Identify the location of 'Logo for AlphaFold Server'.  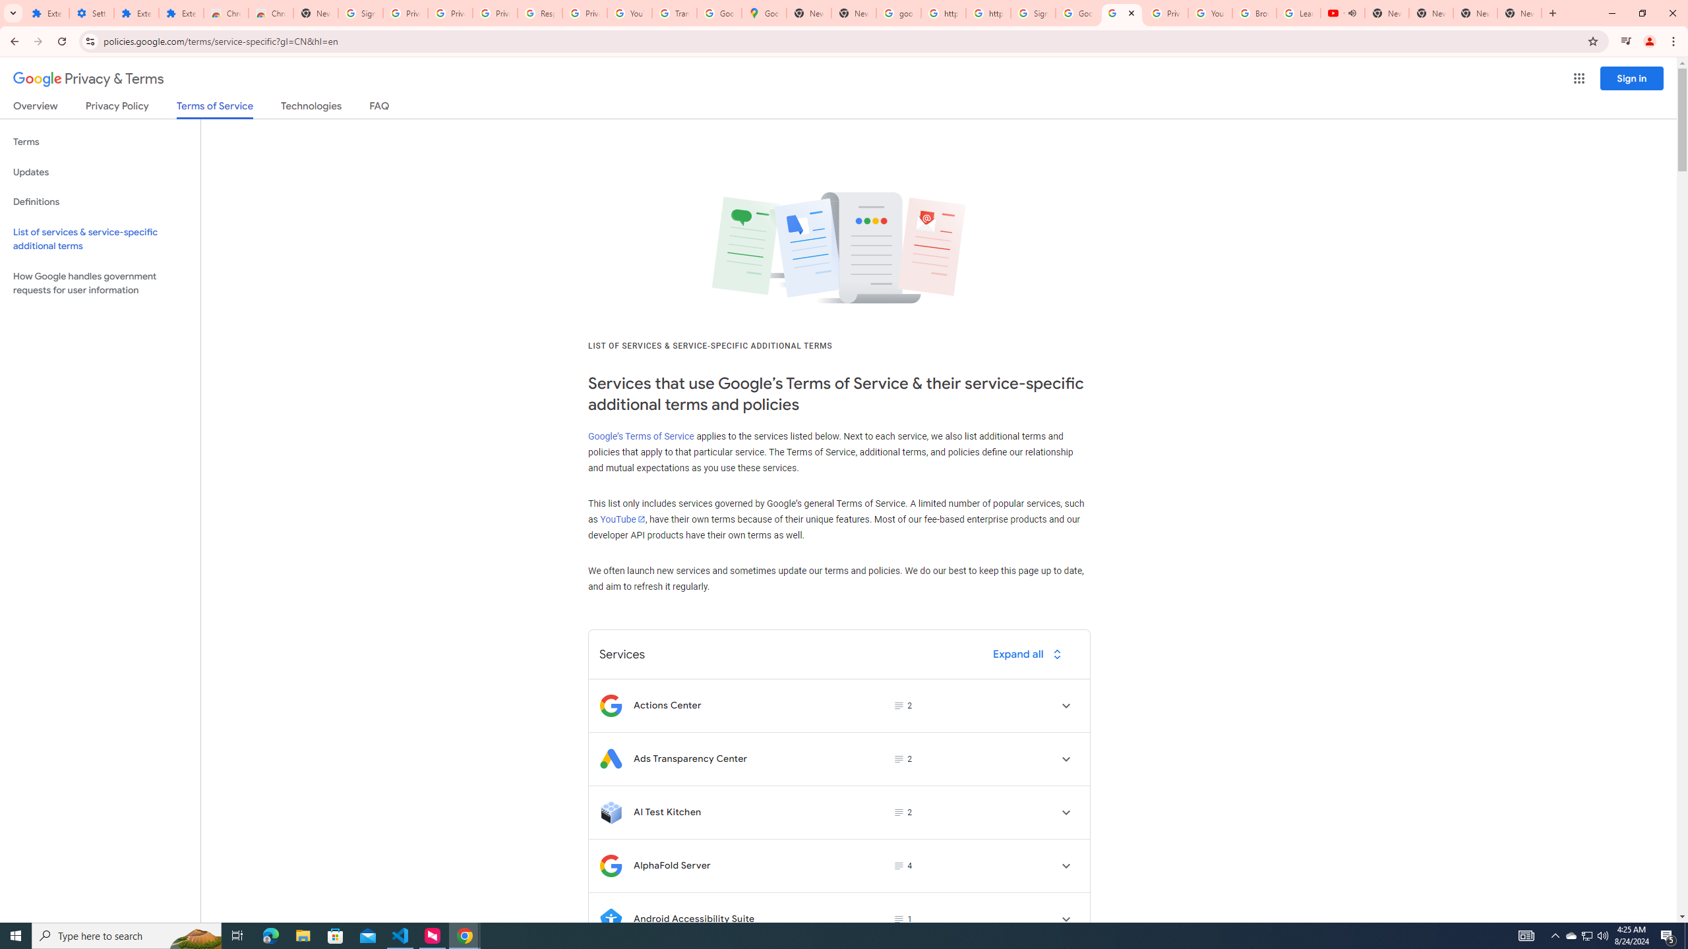
(610, 865).